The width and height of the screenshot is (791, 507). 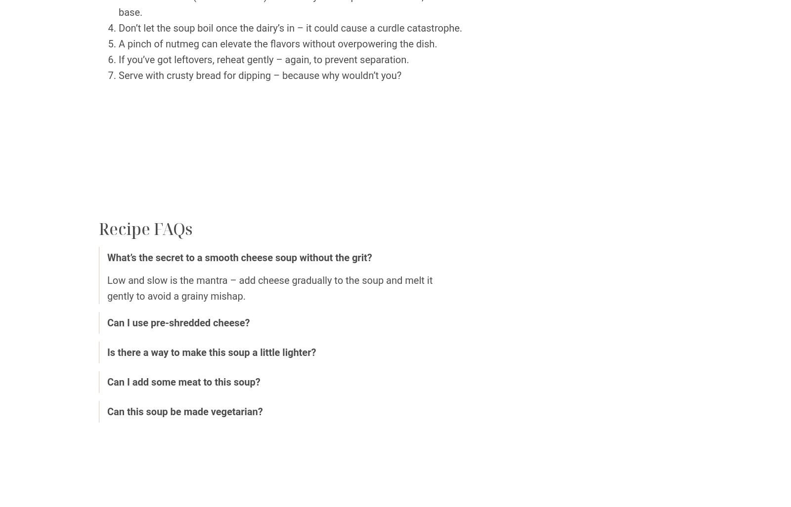 What do you see at coordinates (259, 76) in the screenshot?
I see `'Serve with crusty bread for dipping – because why wouldn’t you?'` at bounding box center [259, 76].